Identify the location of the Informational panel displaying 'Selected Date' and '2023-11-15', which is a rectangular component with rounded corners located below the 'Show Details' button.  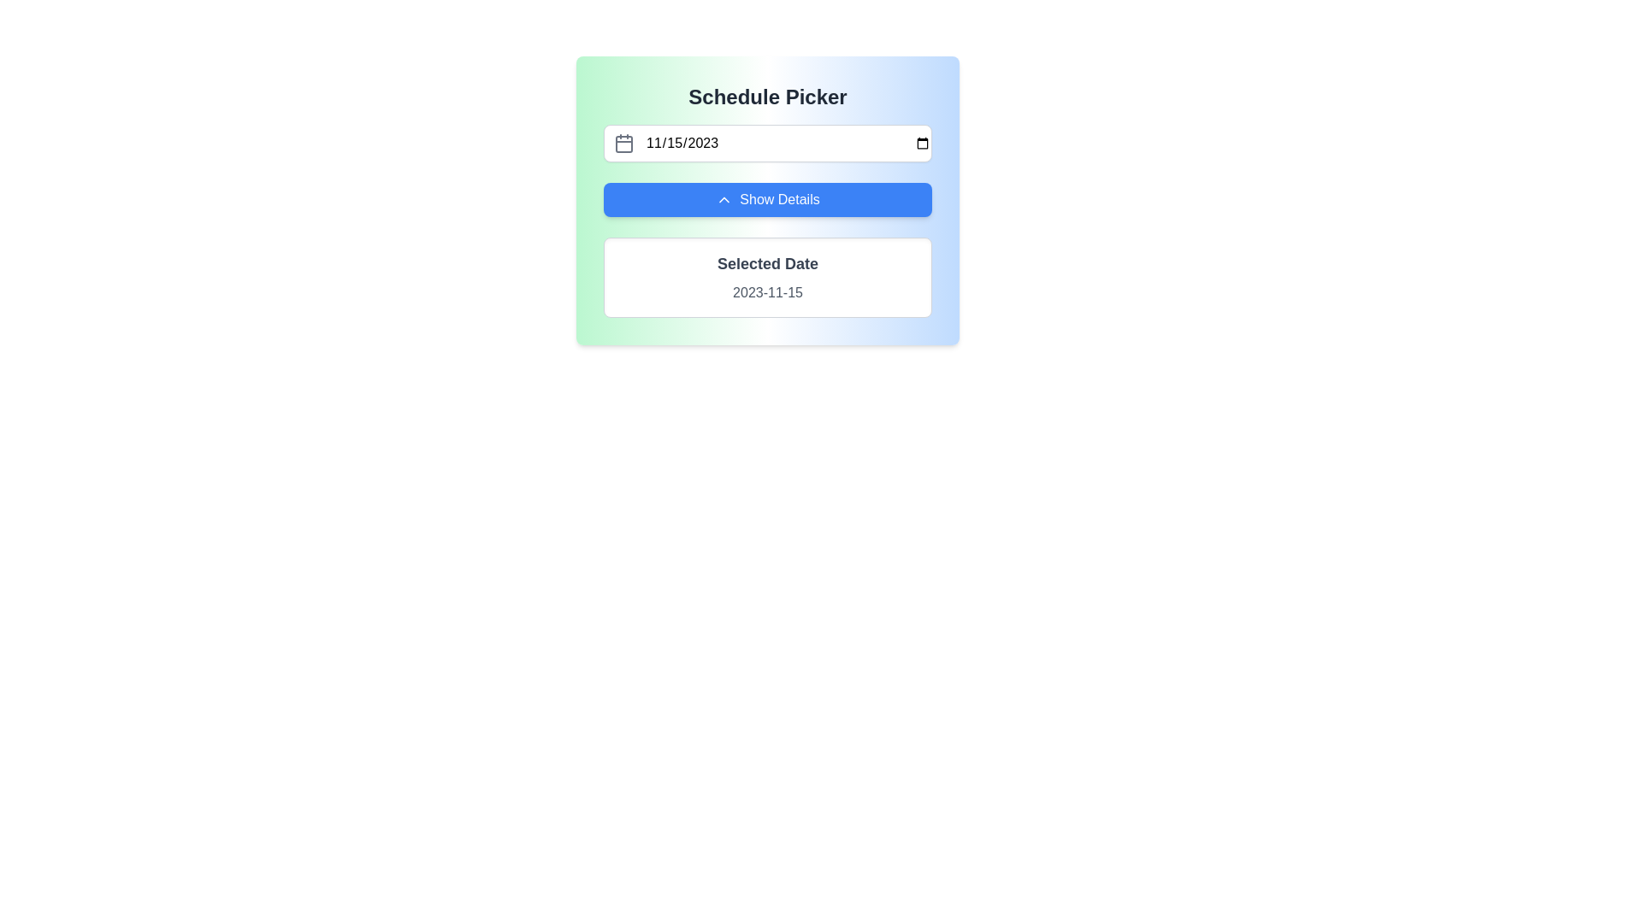
(766, 276).